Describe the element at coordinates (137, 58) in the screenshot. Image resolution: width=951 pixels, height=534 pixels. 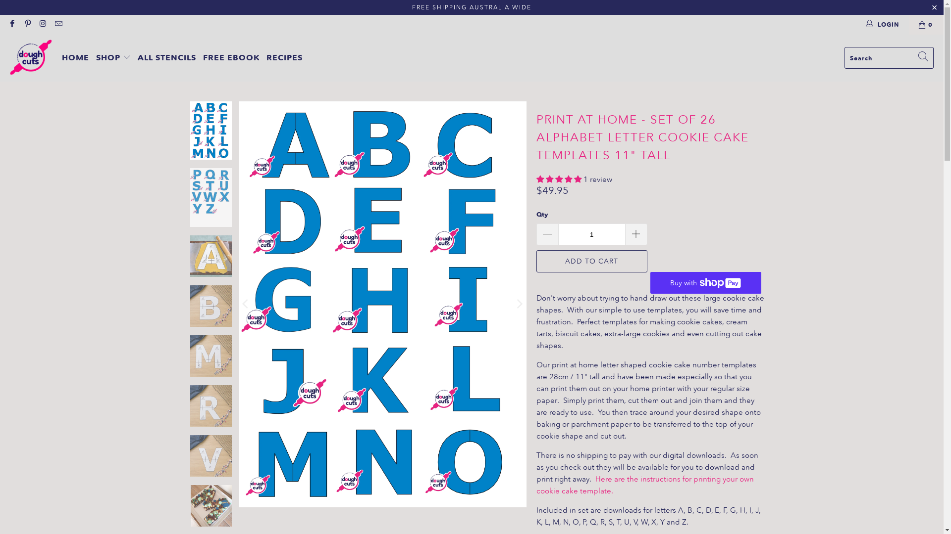
I see `'ALL STENCILS'` at that location.